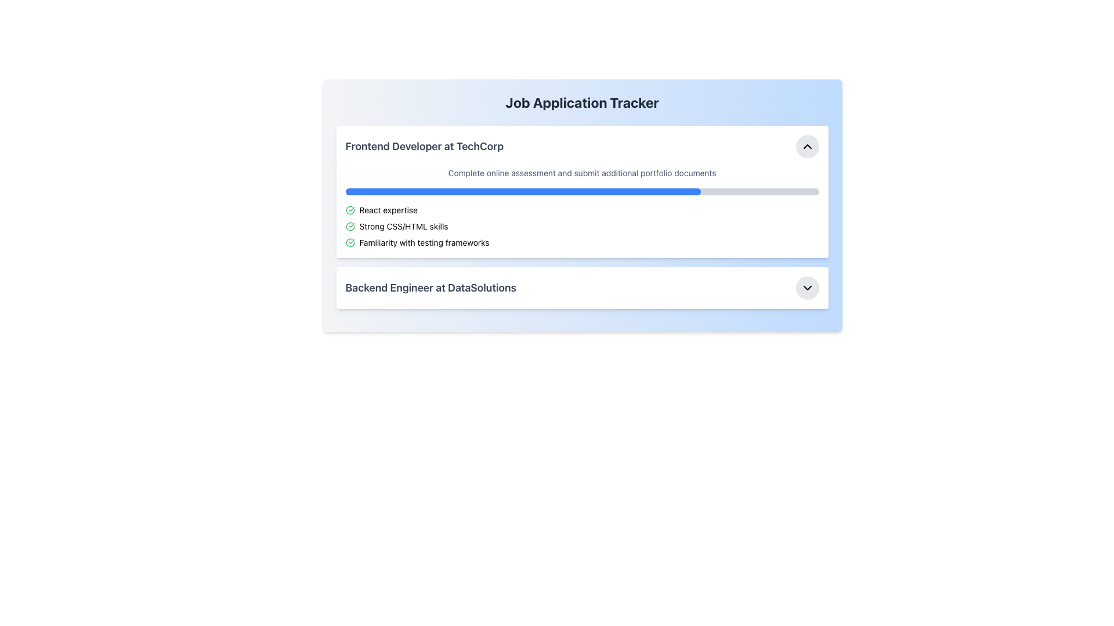 This screenshot has height=626, width=1114. Describe the element at coordinates (582, 287) in the screenshot. I see `the List Item with Dropdown displaying 'Backend Engineer at DataSolutions' to review information` at that location.